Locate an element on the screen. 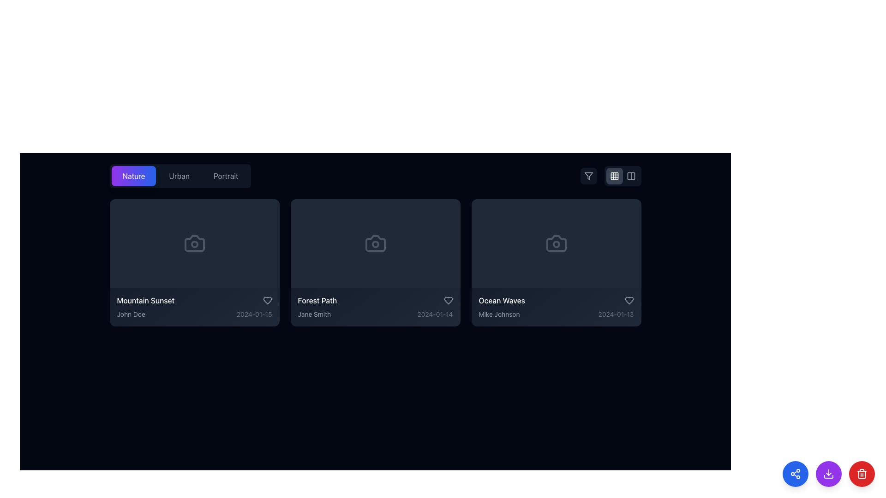 Image resolution: width=886 pixels, height=498 pixels. the SVG icon representing photographic content within the 'Mountain Sunset' card located in the first column of the three-column layout is located at coordinates (194, 243).